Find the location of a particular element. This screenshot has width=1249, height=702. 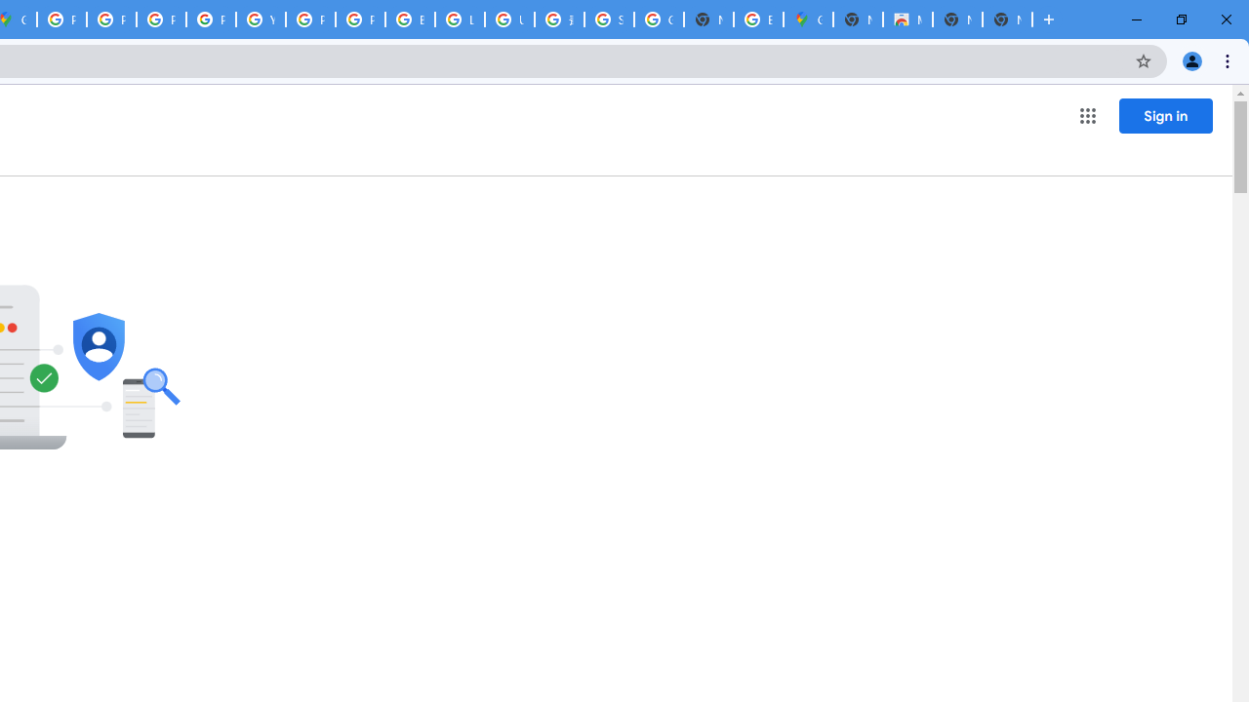

'New Tab' is located at coordinates (1007, 19).